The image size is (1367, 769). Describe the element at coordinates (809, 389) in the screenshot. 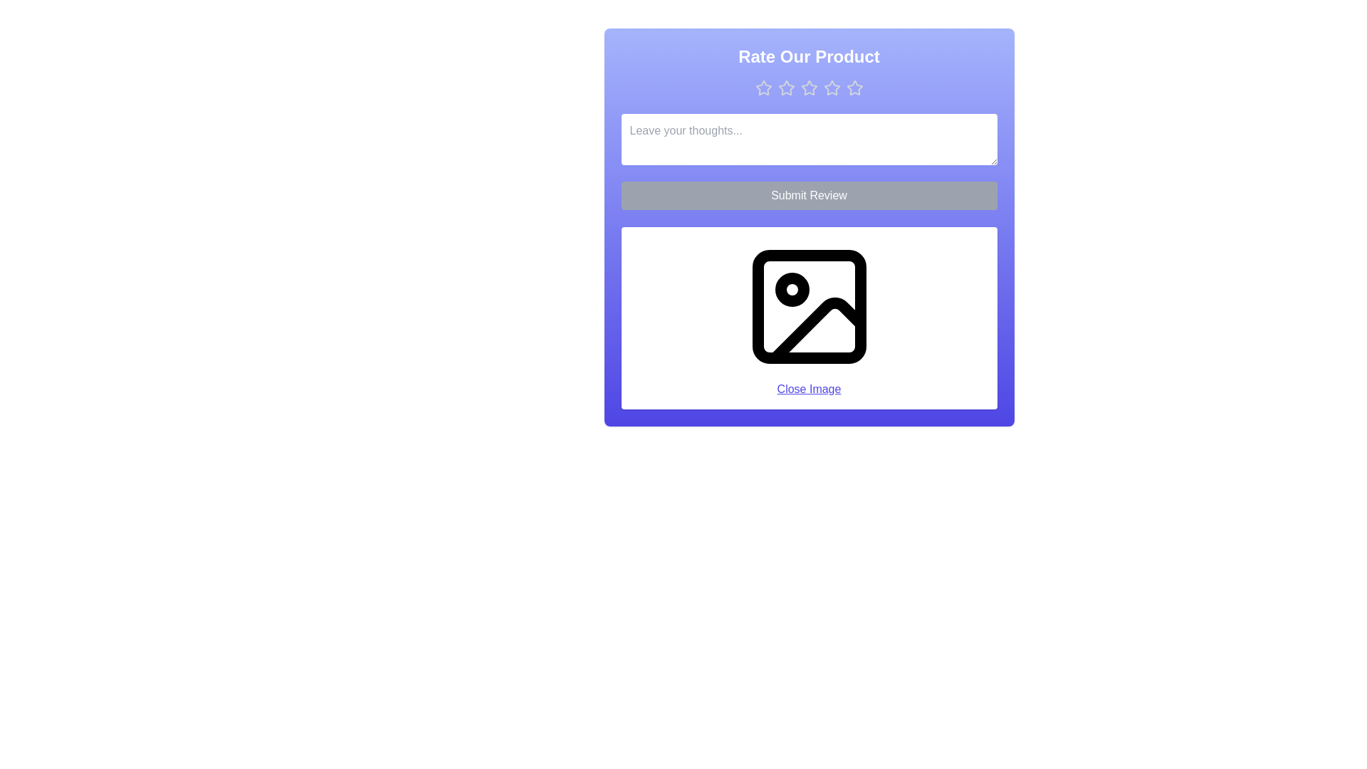

I see `the 'Close Image' button to close the displayed image` at that location.